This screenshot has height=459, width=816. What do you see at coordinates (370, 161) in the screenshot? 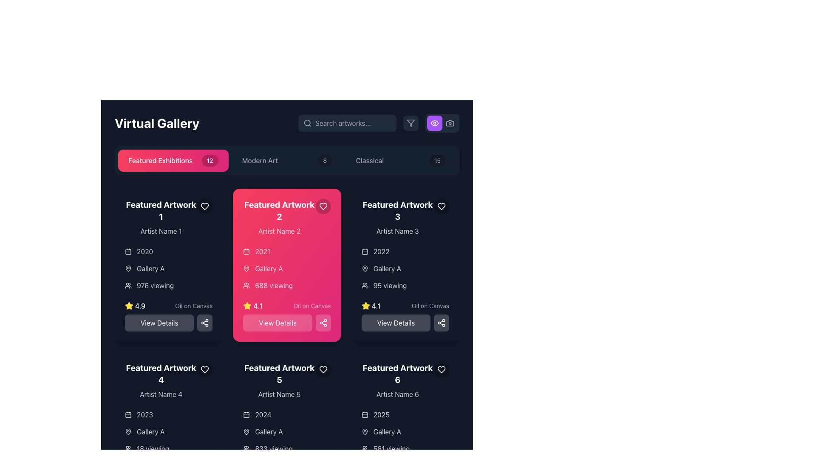
I see `the text label displaying 'Classical'` at bounding box center [370, 161].